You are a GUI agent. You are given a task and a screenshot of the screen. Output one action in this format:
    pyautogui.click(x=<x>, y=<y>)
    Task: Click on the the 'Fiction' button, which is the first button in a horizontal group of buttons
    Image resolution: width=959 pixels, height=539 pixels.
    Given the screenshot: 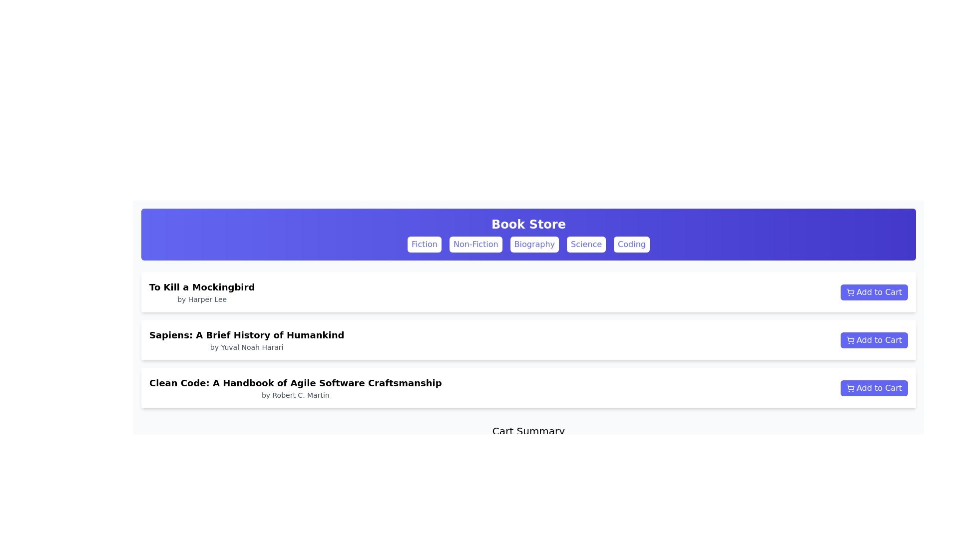 What is the action you would take?
    pyautogui.click(x=424, y=244)
    